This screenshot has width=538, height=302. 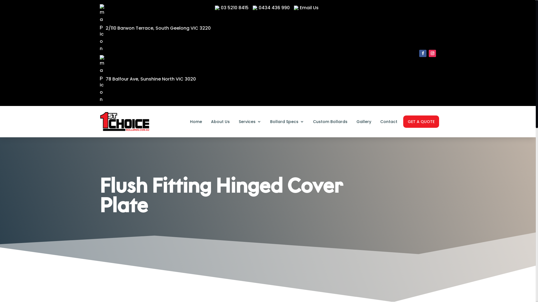 I want to click on 'Gallery', so click(x=364, y=121).